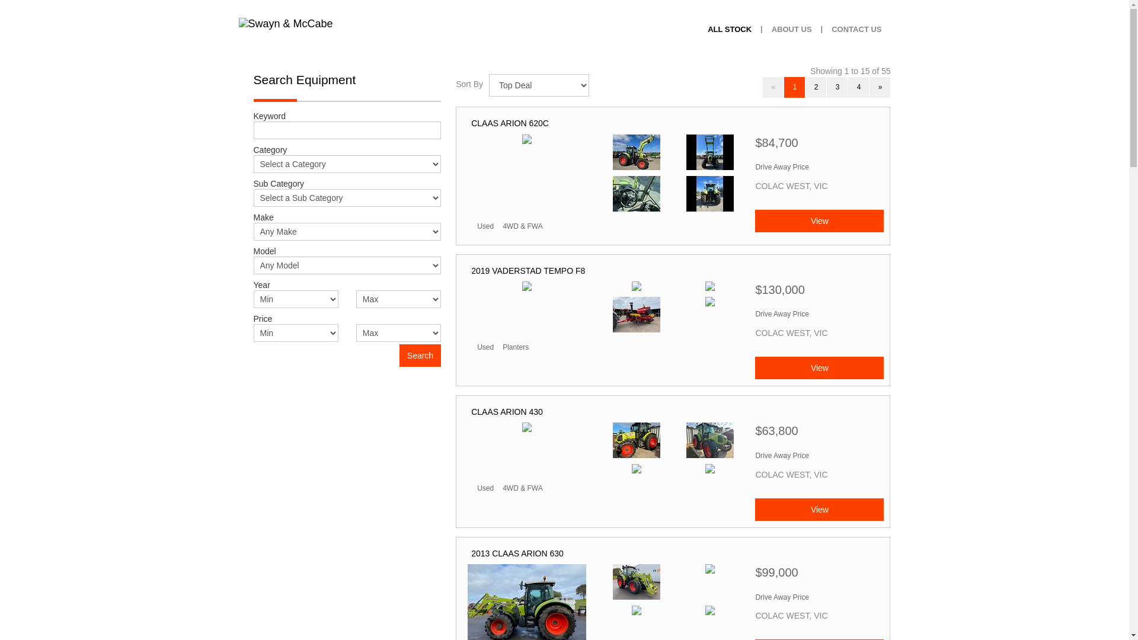 The image size is (1138, 640). I want to click on '4', so click(858, 87).